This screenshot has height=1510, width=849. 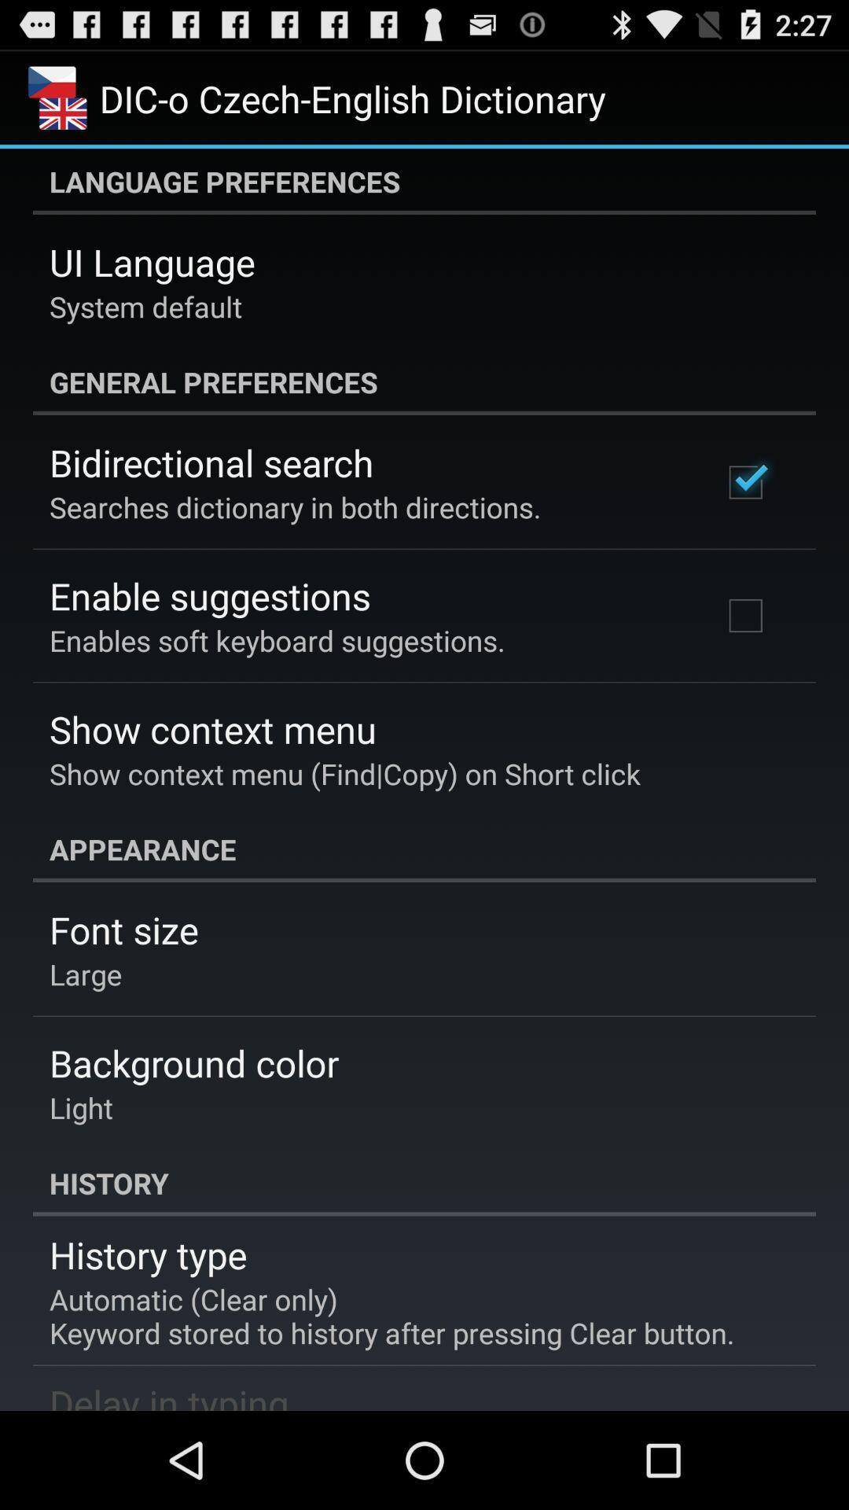 I want to click on the system default item, so click(x=145, y=306).